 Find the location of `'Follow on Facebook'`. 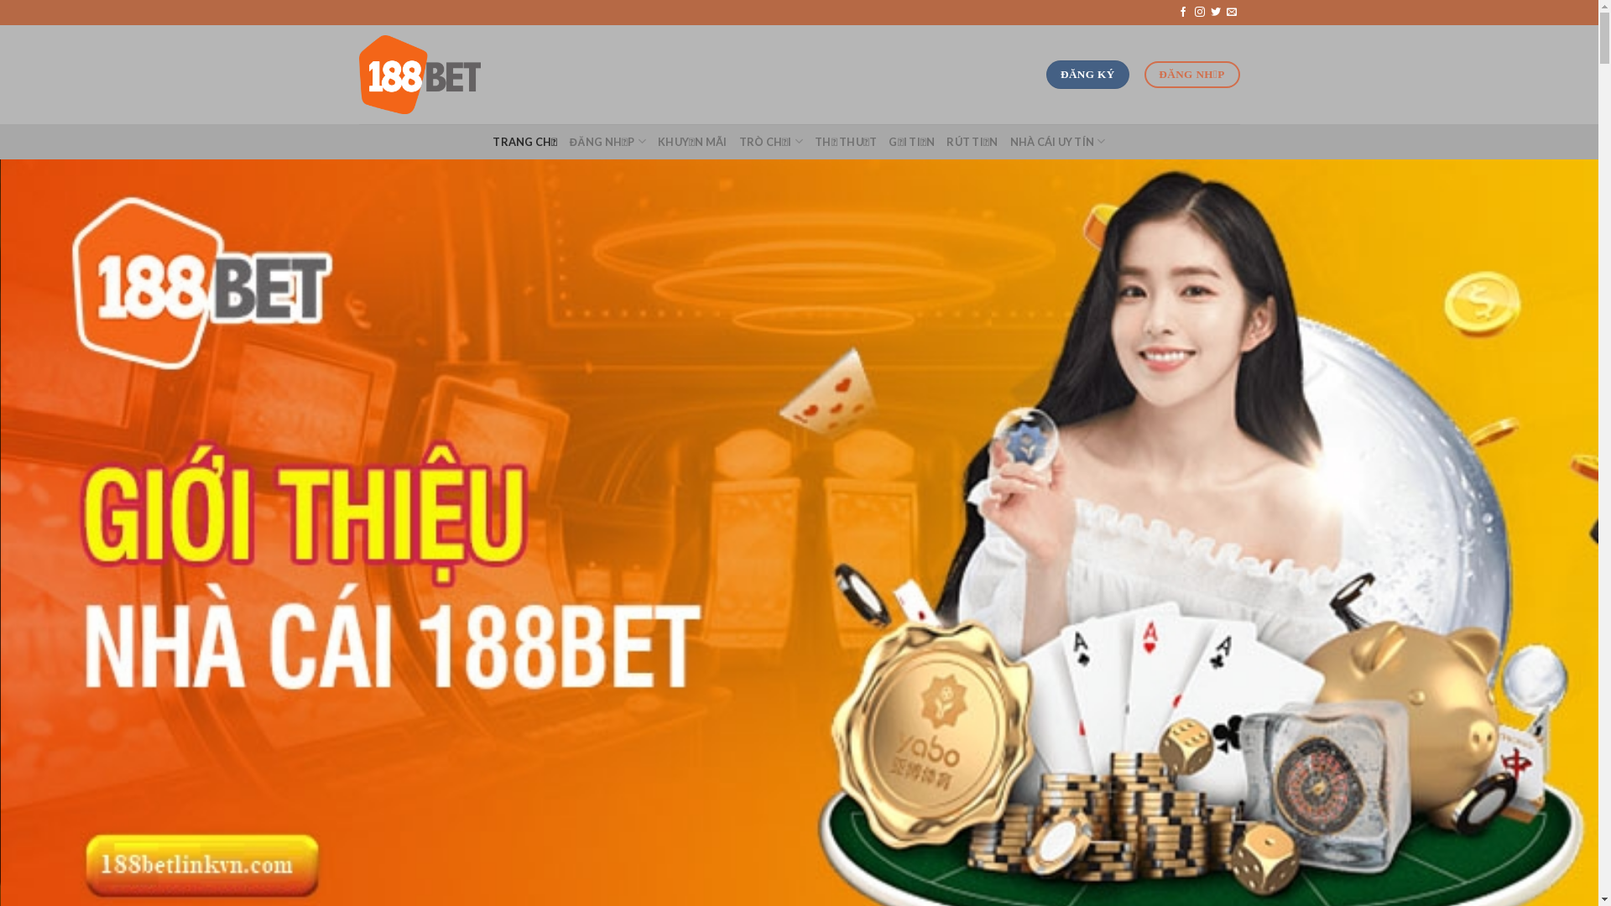

'Follow on Facebook' is located at coordinates (1176, 13).